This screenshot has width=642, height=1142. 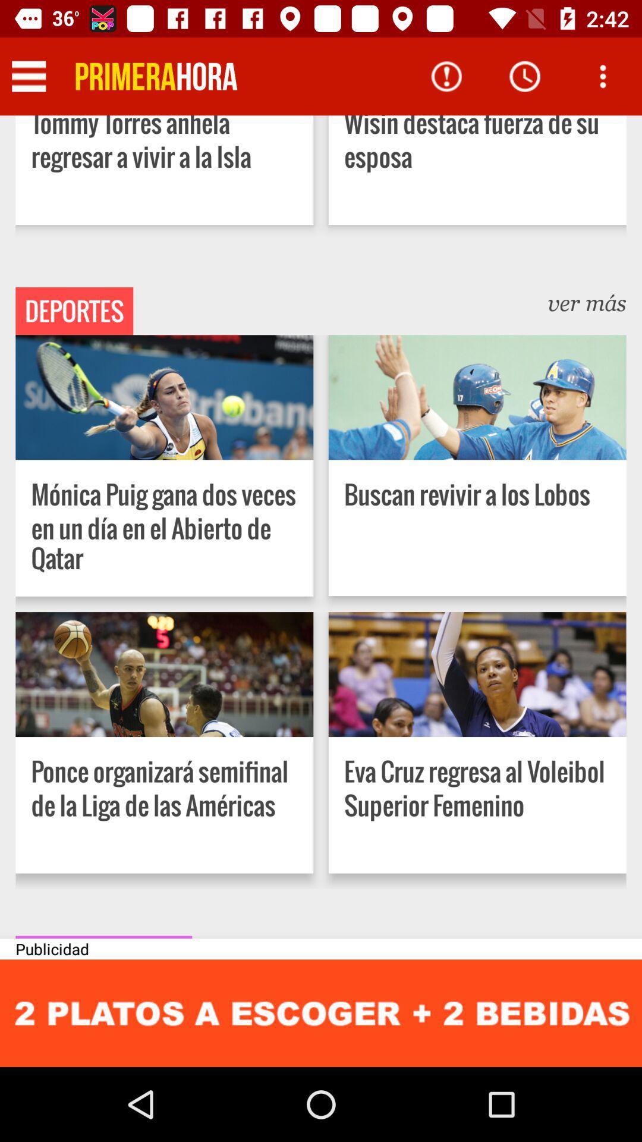 I want to click on menu, so click(x=28, y=76).